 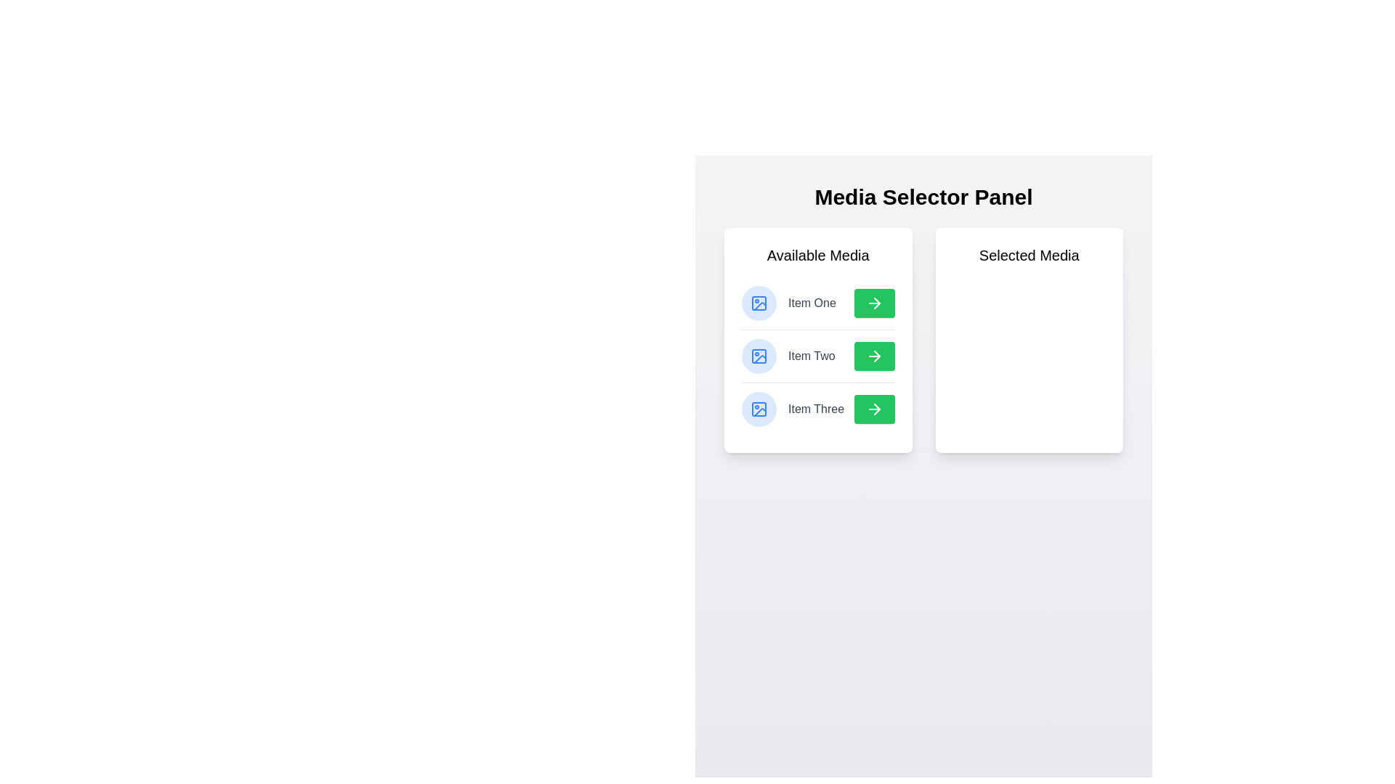 What do you see at coordinates (759, 409) in the screenshot?
I see `the light-blue circular button with a landscape icon located to the left of the text 'Item Three' in the 'Available Media' section` at bounding box center [759, 409].